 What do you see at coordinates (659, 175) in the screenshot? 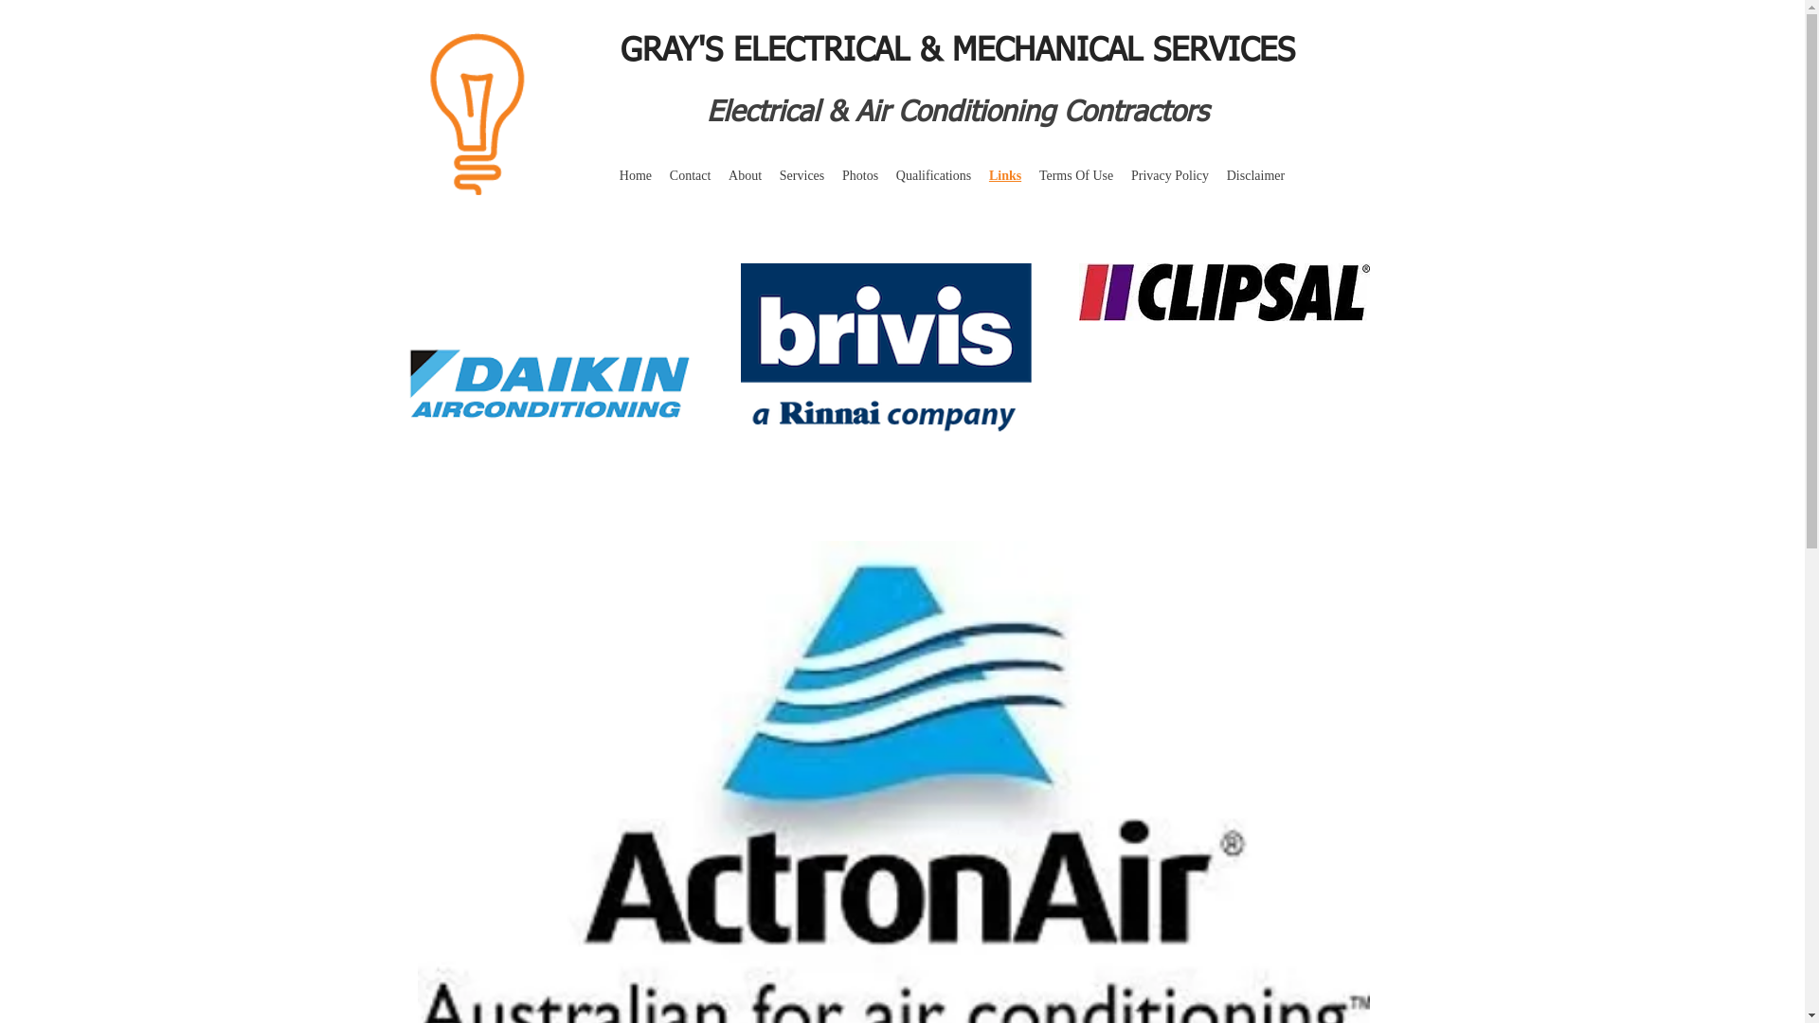
I see `'Contact'` at bounding box center [659, 175].